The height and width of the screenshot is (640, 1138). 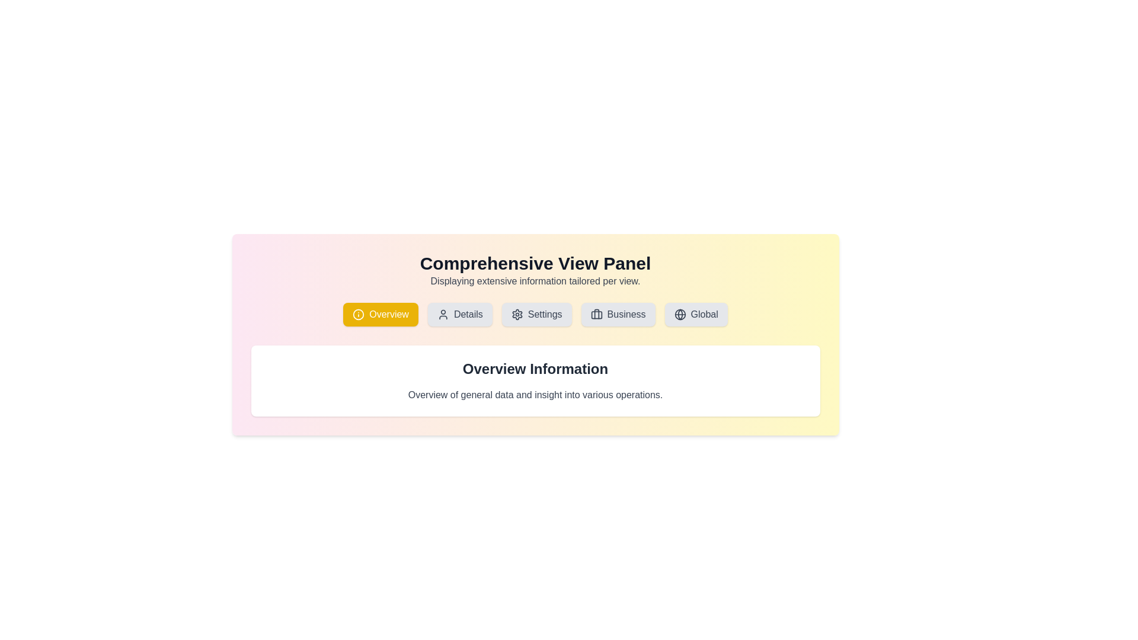 I want to click on the user icon which is part of the 'Details' button in the navigation bar, positioned to the left of the text 'Details', so click(x=442, y=314).